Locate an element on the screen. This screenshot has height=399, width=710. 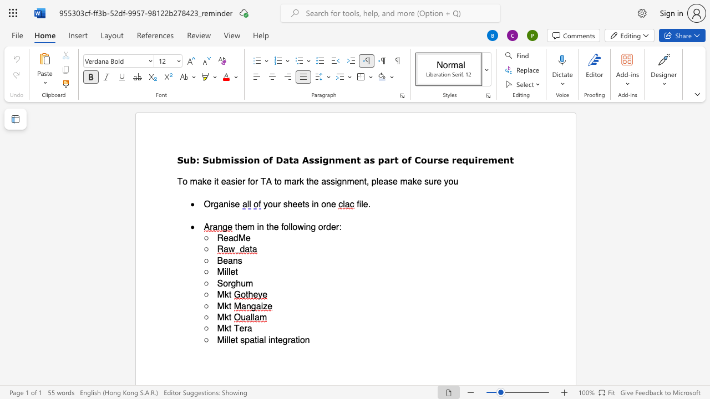
the space between the continuous character "t" and "s" in the text is located at coordinates (305, 204).